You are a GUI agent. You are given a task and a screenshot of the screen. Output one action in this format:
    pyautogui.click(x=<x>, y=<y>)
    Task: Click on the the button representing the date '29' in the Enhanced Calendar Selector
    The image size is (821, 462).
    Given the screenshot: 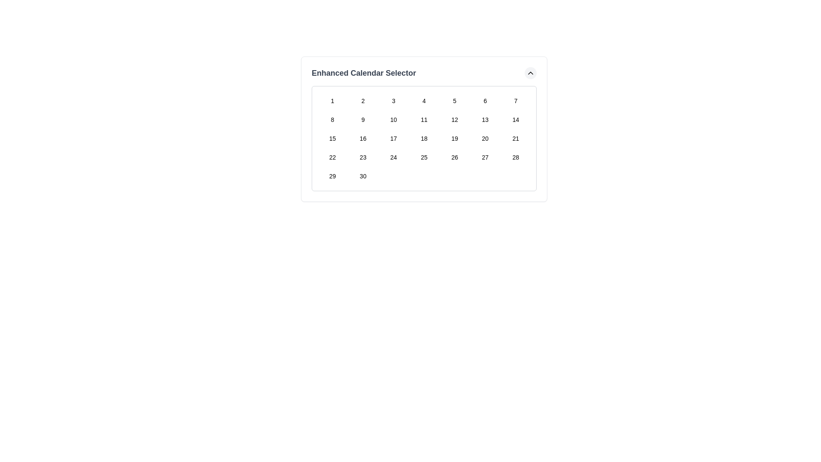 What is the action you would take?
    pyautogui.click(x=332, y=176)
    